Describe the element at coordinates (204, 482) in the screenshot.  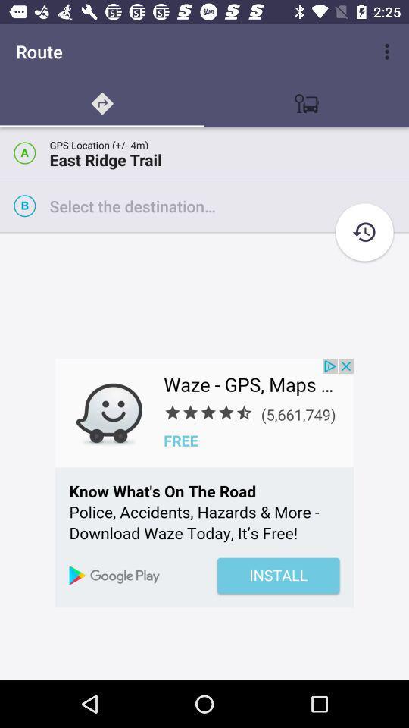
I see `advertisement link` at that location.